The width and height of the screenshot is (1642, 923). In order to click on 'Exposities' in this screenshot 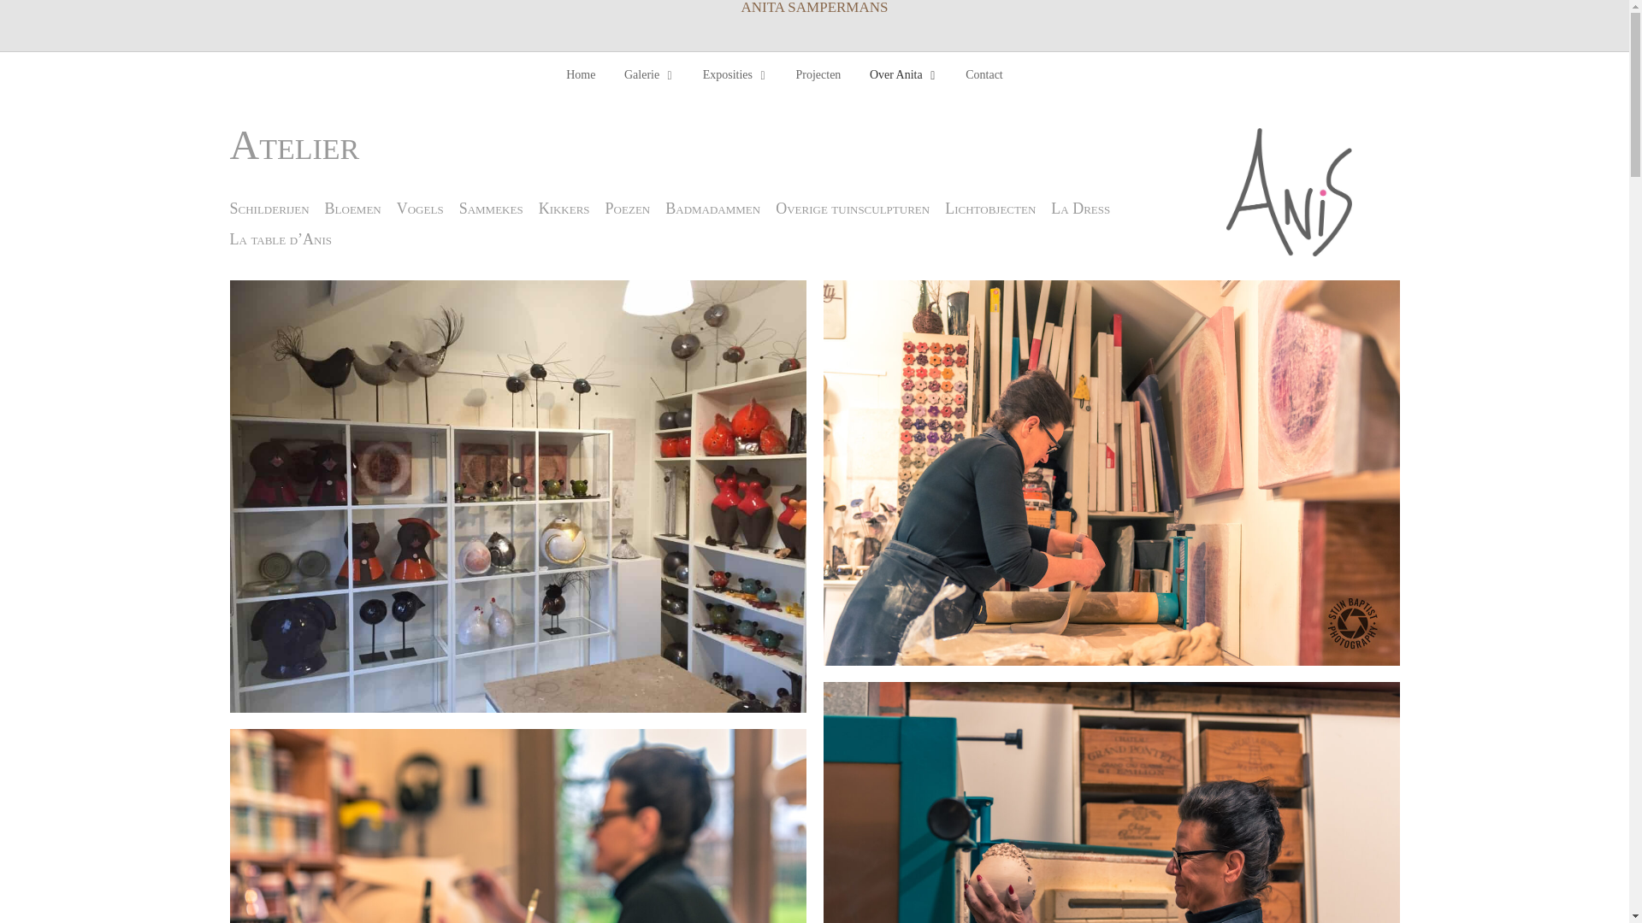, I will do `click(735, 74)`.